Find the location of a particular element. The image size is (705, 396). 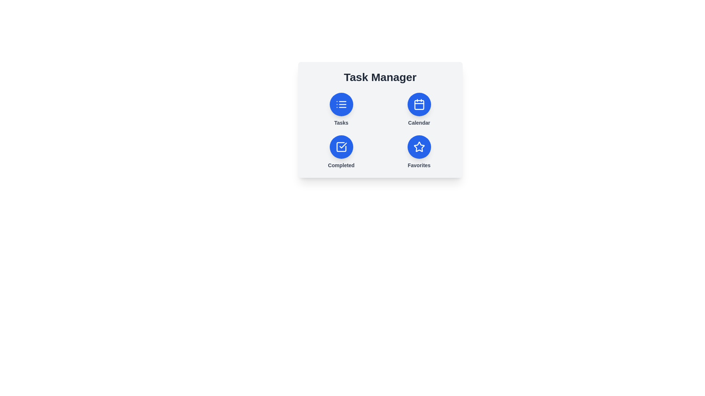

the calendar icon located in the top-right corner of the grid layout beneath the 'Task Manager' title is located at coordinates (419, 104).